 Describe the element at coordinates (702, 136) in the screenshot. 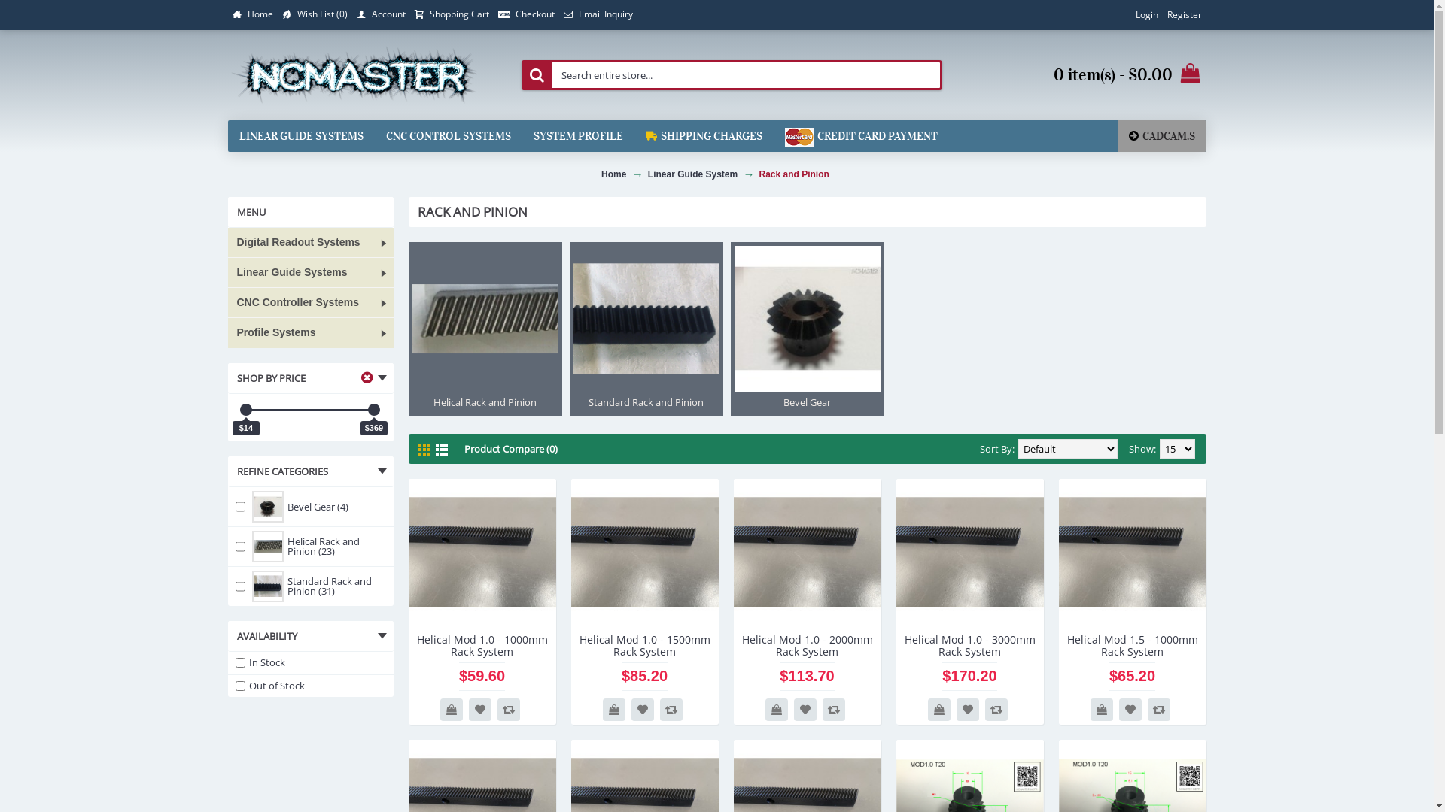

I see `'SHIPPING CHARGES'` at that location.